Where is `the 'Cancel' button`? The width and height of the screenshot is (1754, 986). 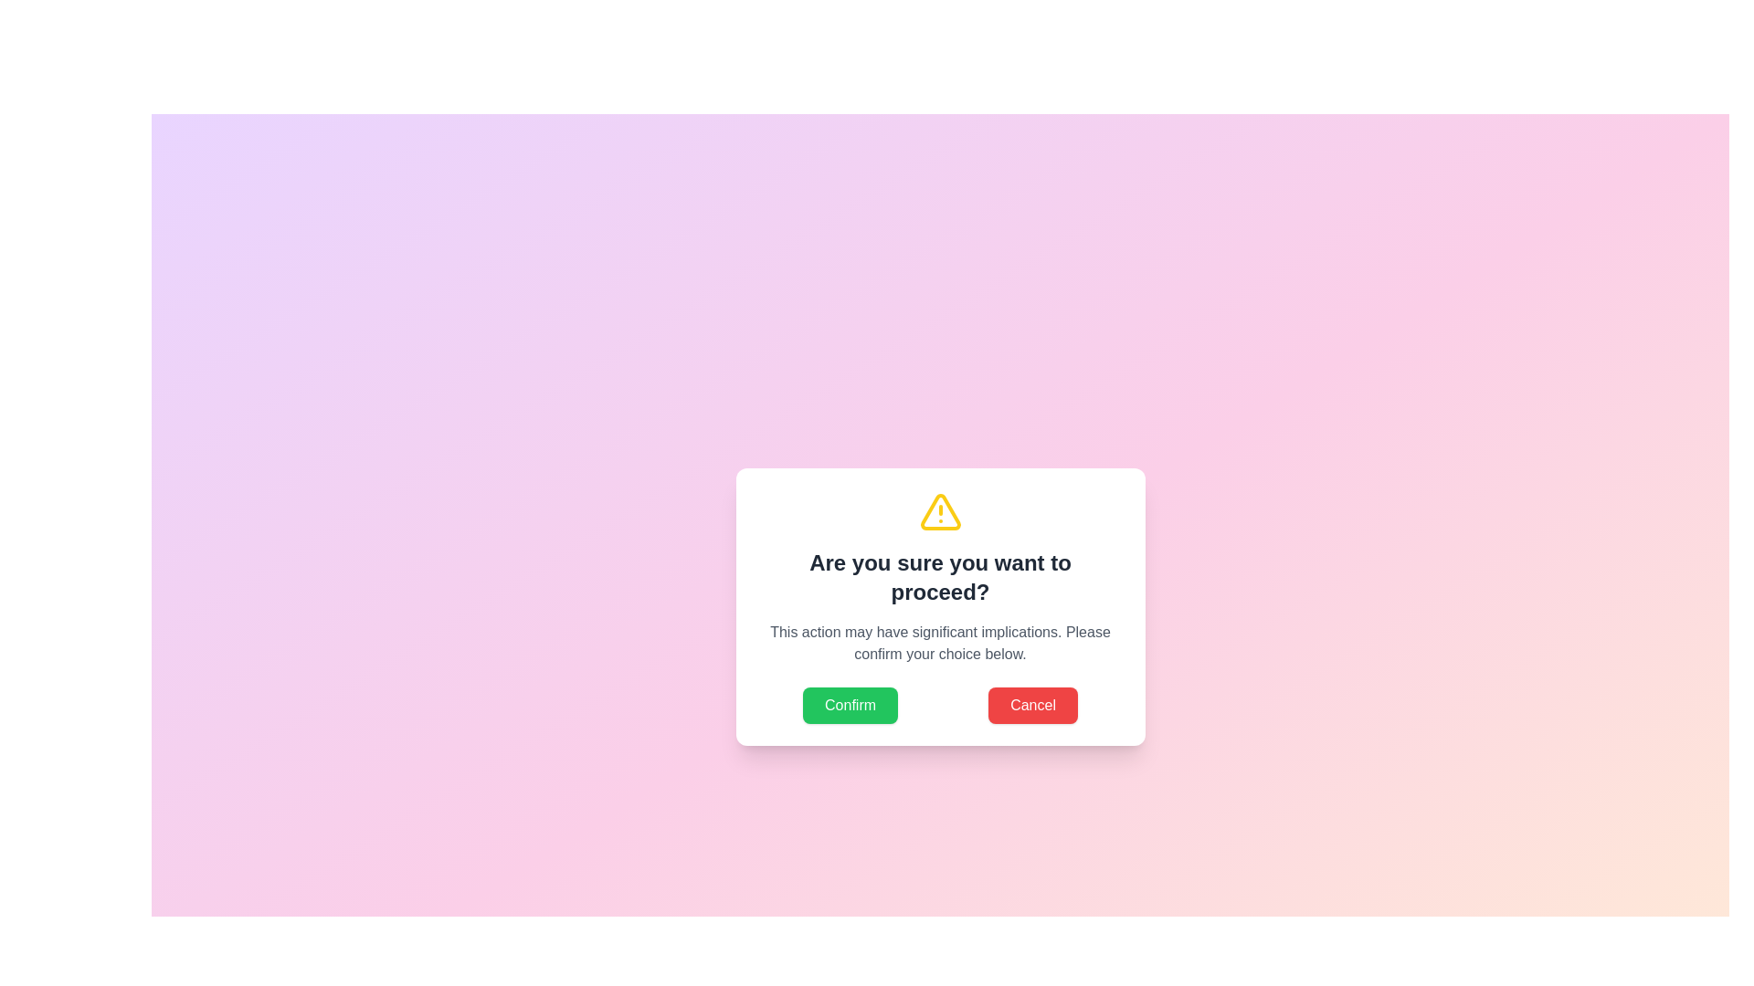 the 'Cancel' button is located at coordinates (1033, 704).